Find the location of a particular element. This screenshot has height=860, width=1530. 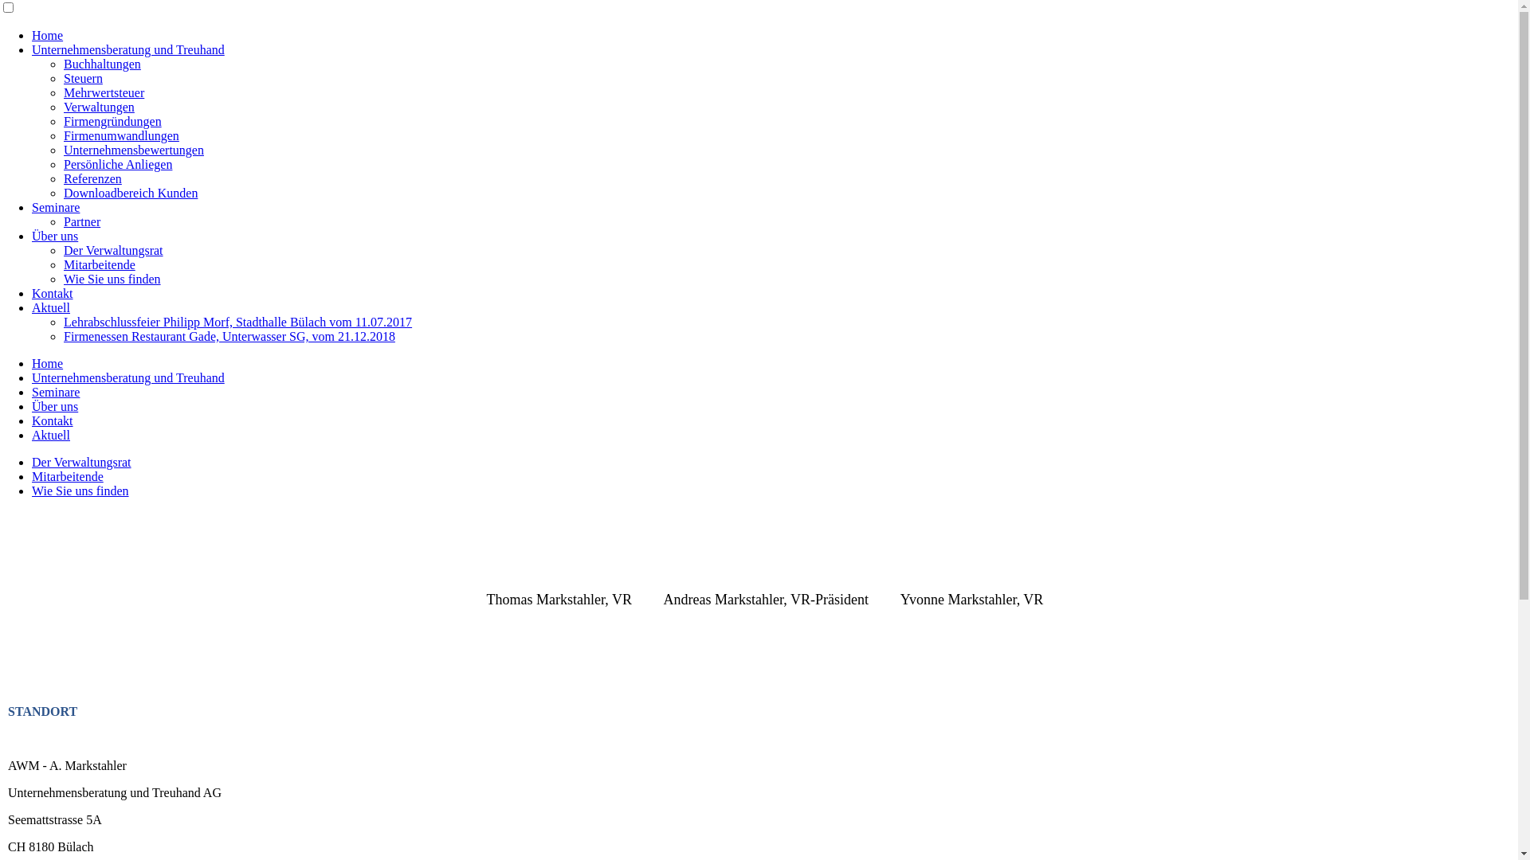

'Unternehmensberatung und Treuhand' is located at coordinates (31, 377).